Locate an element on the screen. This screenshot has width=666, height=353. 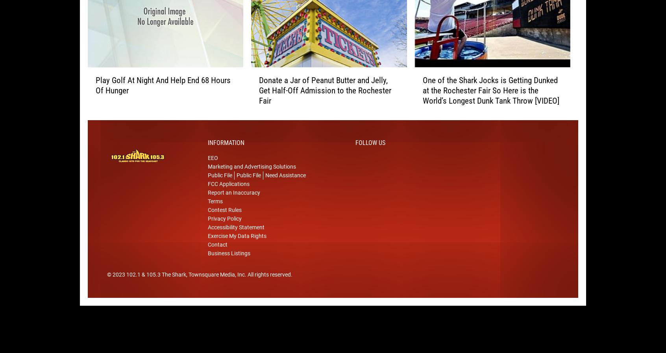
'Marketing and Advertising Solutions' is located at coordinates (252, 179).